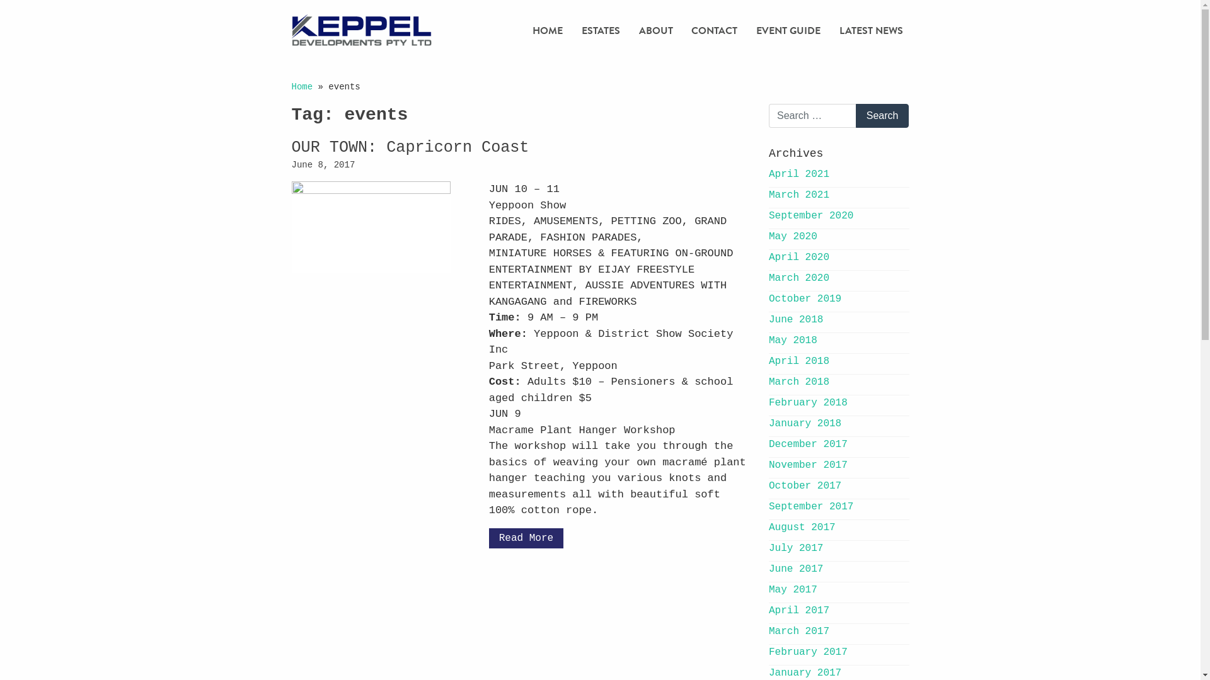 The image size is (1210, 680). What do you see at coordinates (798, 631) in the screenshot?
I see `'March 2017'` at bounding box center [798, 631].